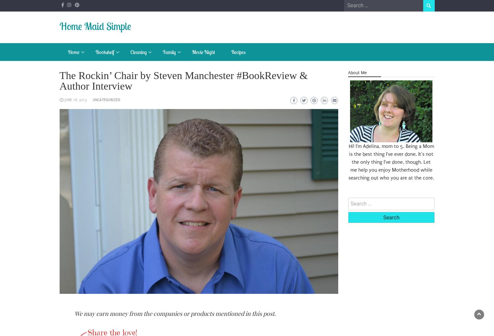  I want to click on 'Home Maid Simple', so click(95, 26).